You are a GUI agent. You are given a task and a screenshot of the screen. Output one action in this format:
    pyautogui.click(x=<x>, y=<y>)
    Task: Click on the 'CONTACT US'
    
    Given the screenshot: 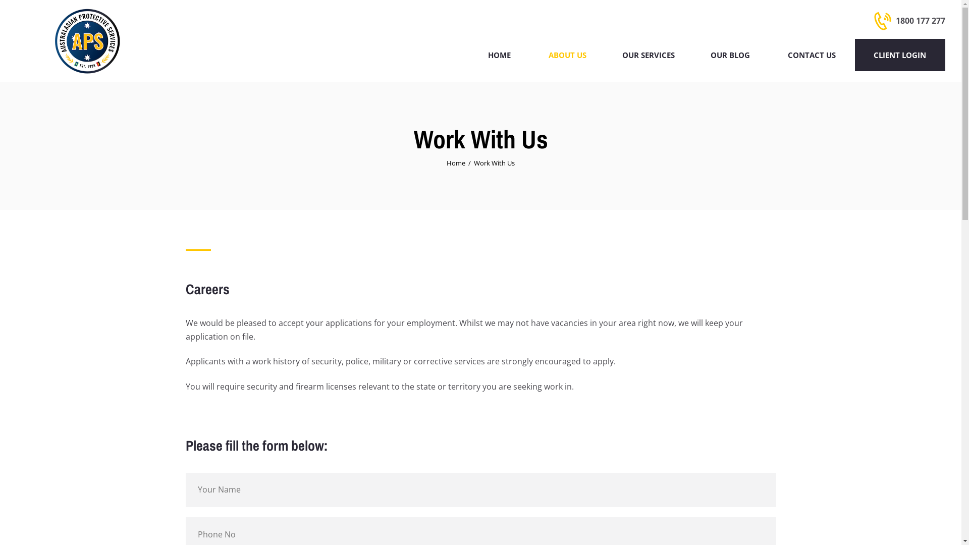 What is the action you would take?
    pyautogui.click(x=768, y=54)
    